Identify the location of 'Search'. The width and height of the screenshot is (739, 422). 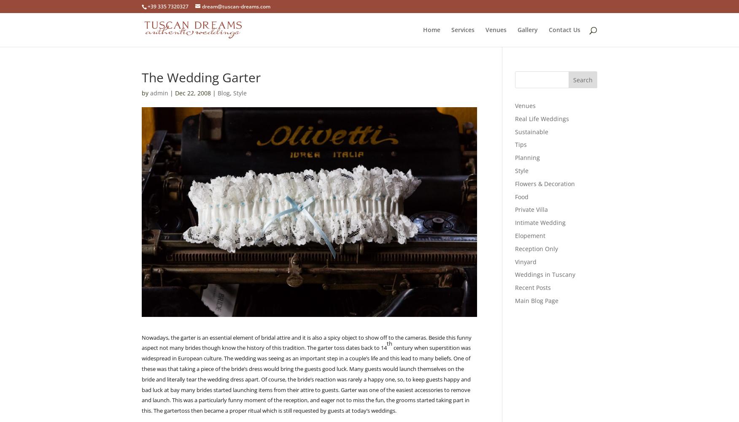
(583, 79).